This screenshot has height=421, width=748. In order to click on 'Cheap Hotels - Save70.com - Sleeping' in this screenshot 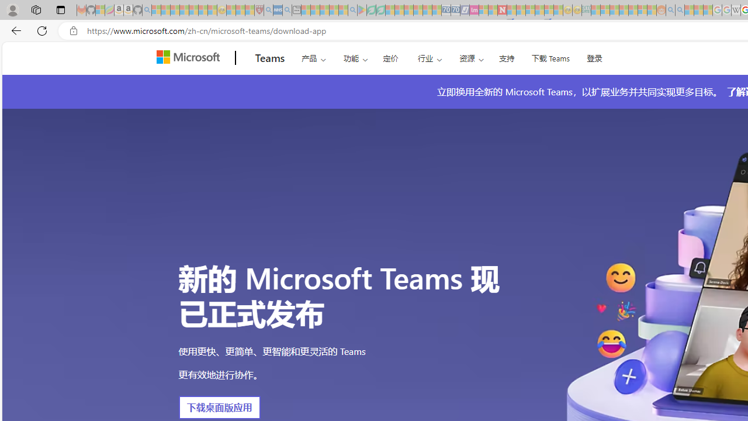, I will do `click(455, 10)`.